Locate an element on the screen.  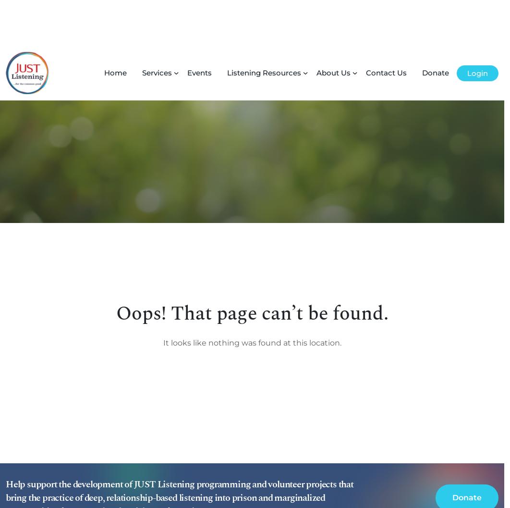
'Listening Resources' is located at coordinates (227, 27).